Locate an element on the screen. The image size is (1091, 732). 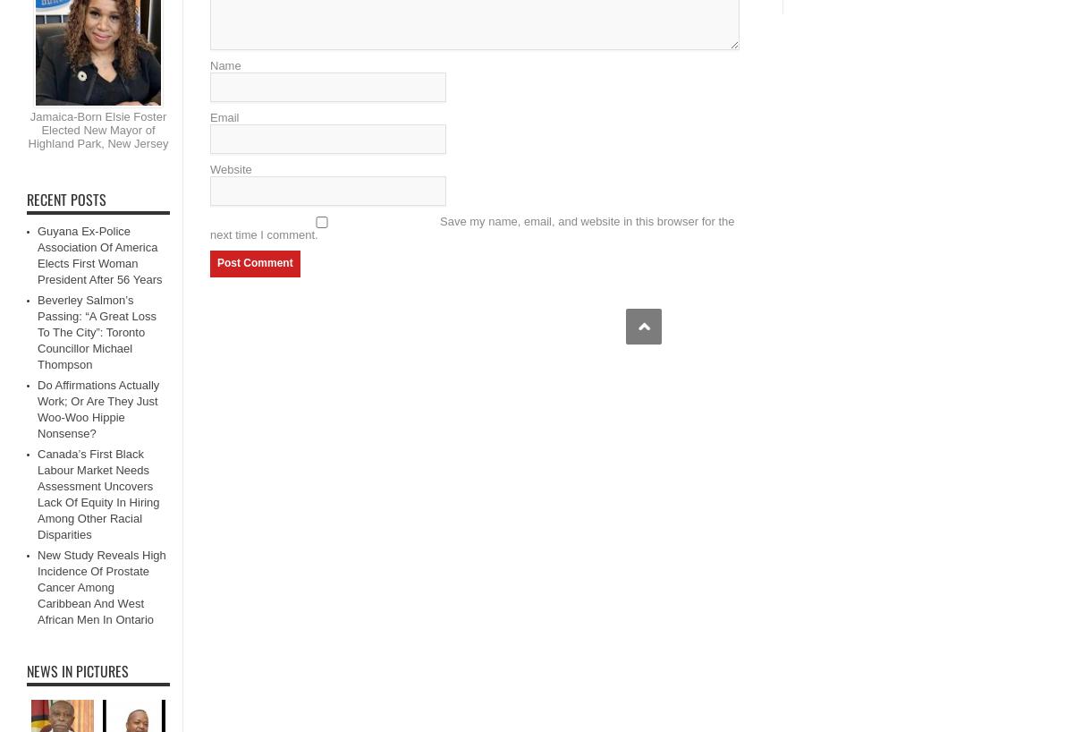
'Beverley Salmon’s Passing: “A Great Loss To The City”: Toronto Councillor Michael Thompson' is located at coordinates (96, 331).